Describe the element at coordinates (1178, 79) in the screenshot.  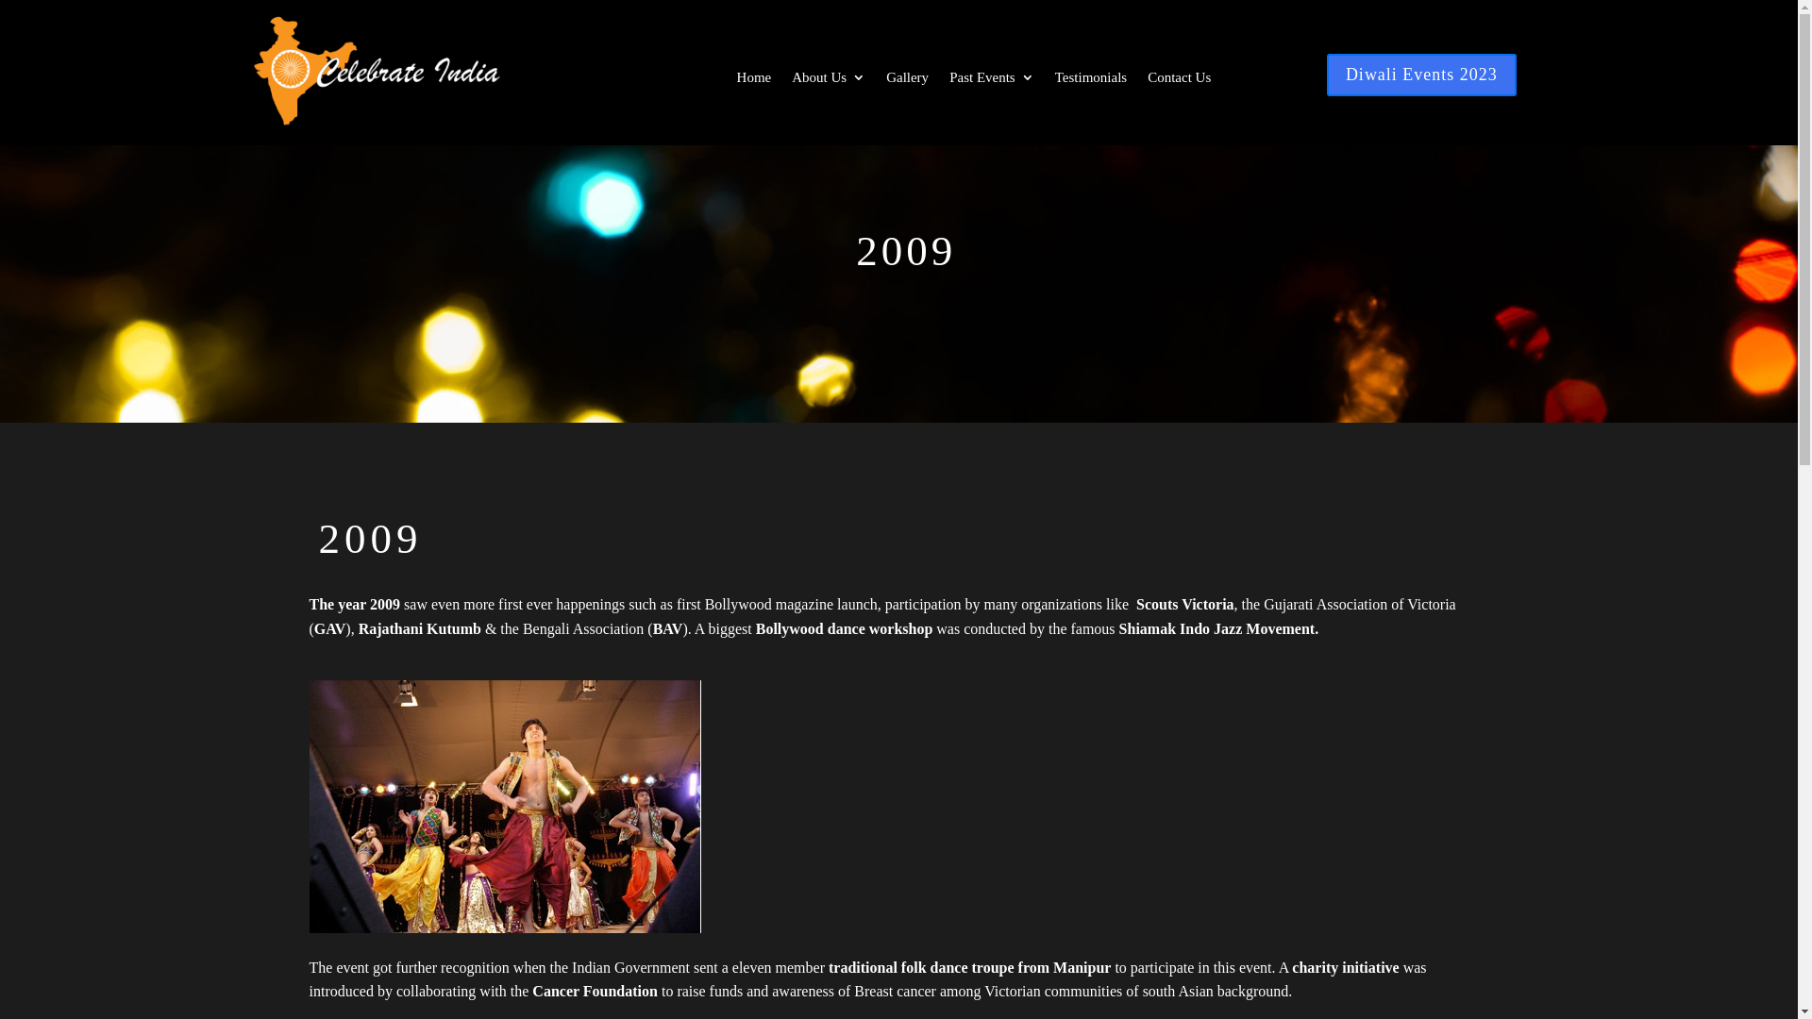
I see `'Contact Us'` at that location.